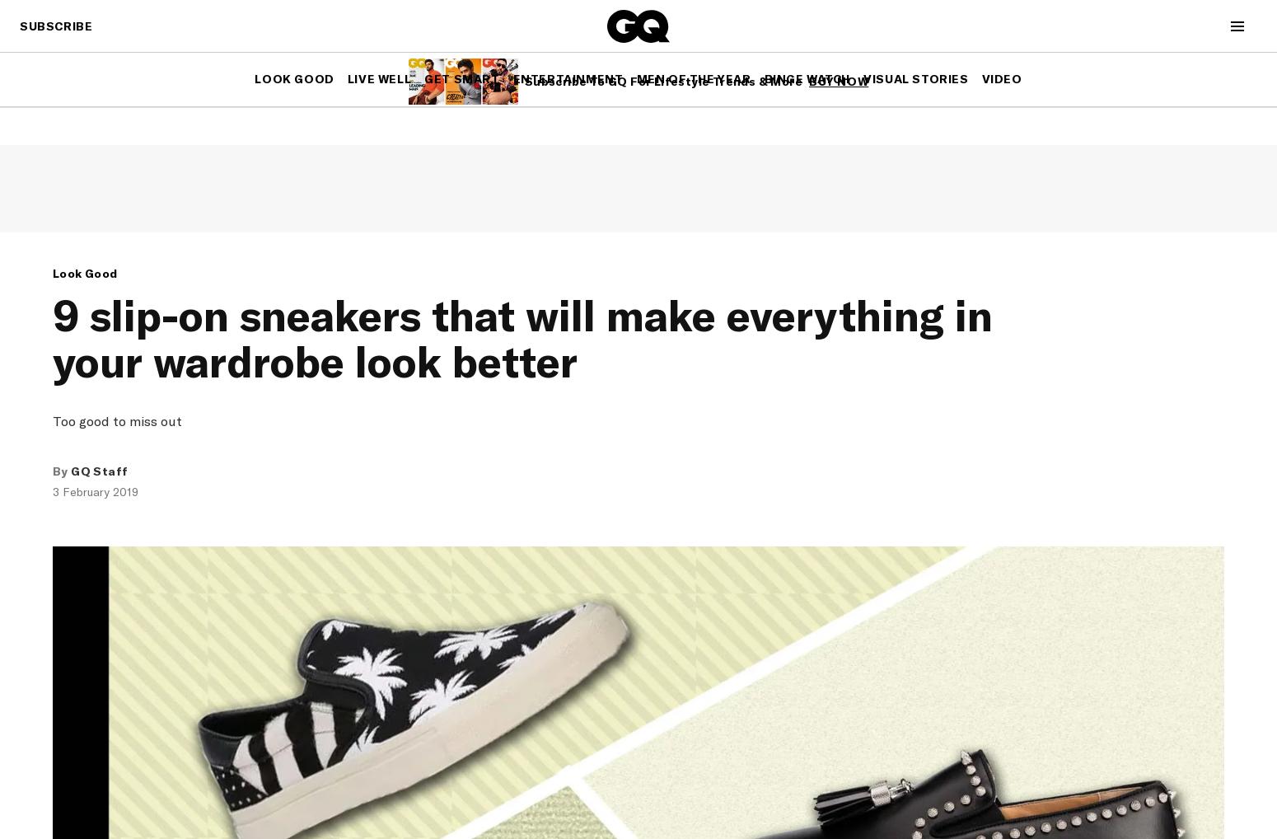 The image size is (1277, 839). What do you see at coordinates (346, 78) in the screenshot?
I see `'Live Well'` at bounding box center [346, 78].